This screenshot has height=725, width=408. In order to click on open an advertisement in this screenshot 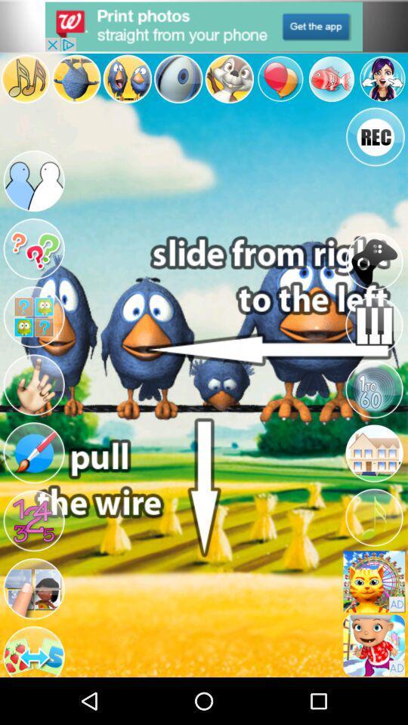, I will do `click(373, 644)`.